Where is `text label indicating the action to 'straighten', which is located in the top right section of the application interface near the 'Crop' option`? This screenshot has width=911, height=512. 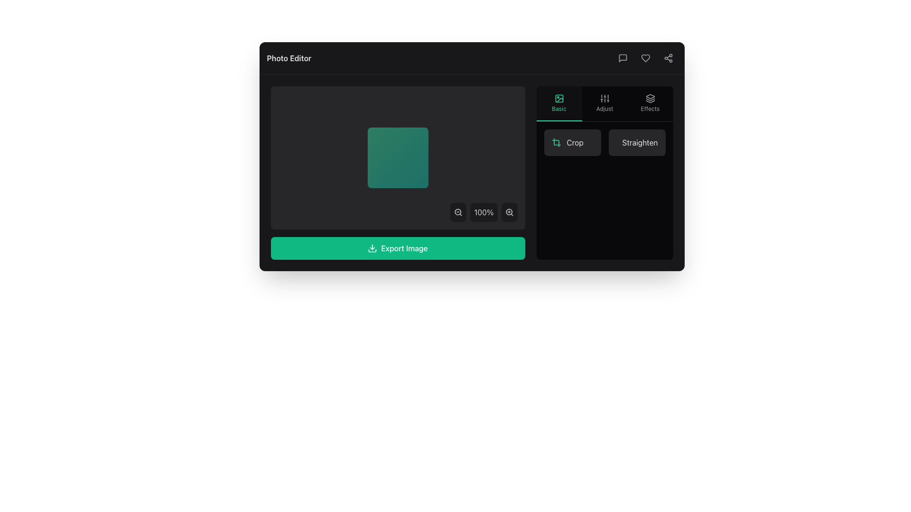
text label indicating the action to 'straighten', which is located in the top right section of the application interface near the 'Crop' option is located at coordinates (640, 142).